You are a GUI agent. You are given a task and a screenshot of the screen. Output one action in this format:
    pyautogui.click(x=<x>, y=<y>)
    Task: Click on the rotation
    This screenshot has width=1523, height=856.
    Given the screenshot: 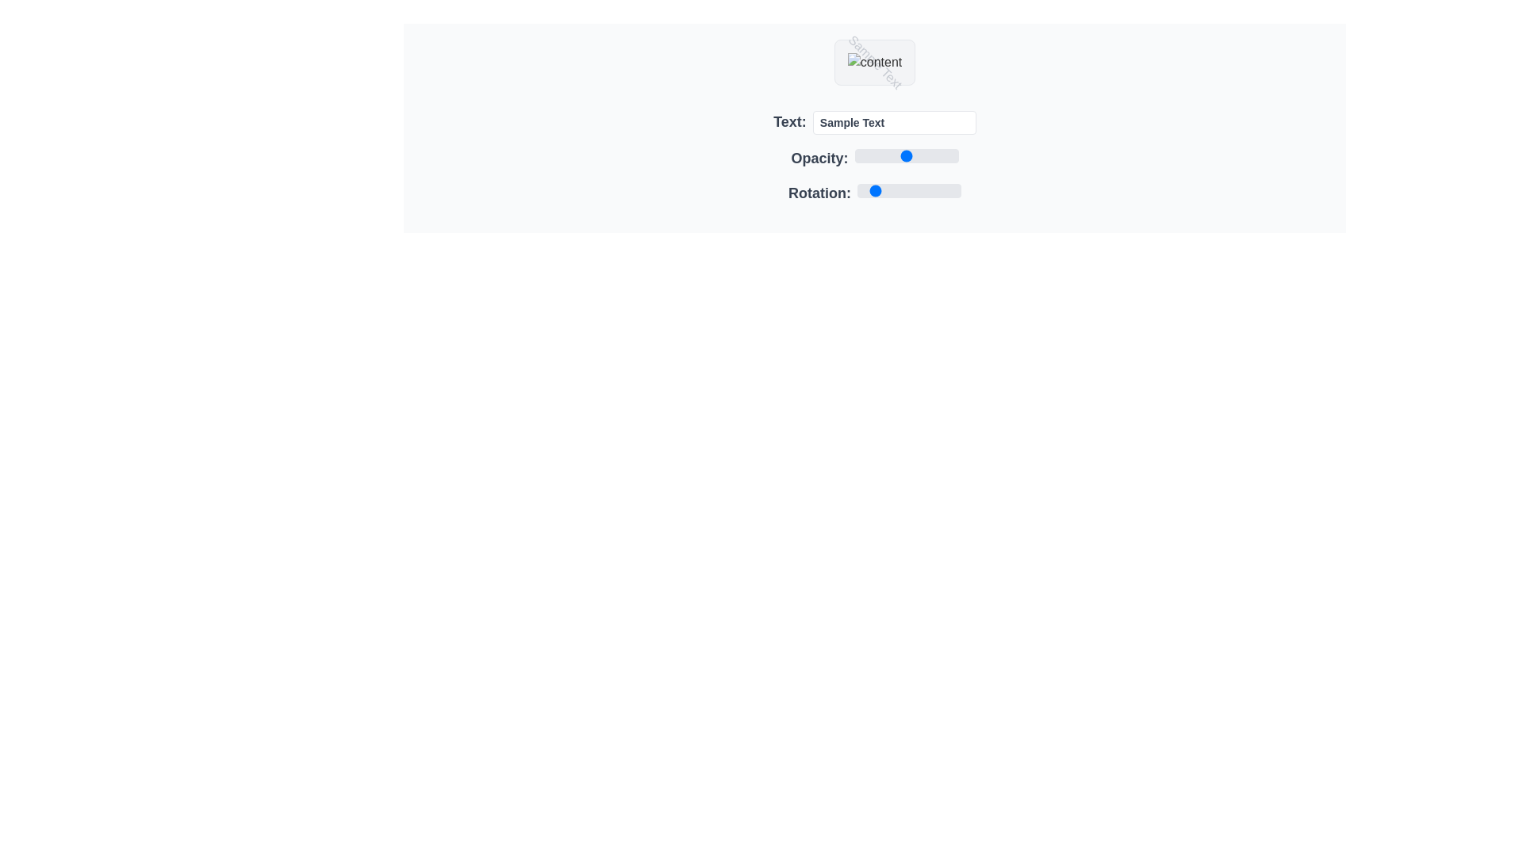 What is the action you would take?
    pyautogui.click(x=945, y=189)
    